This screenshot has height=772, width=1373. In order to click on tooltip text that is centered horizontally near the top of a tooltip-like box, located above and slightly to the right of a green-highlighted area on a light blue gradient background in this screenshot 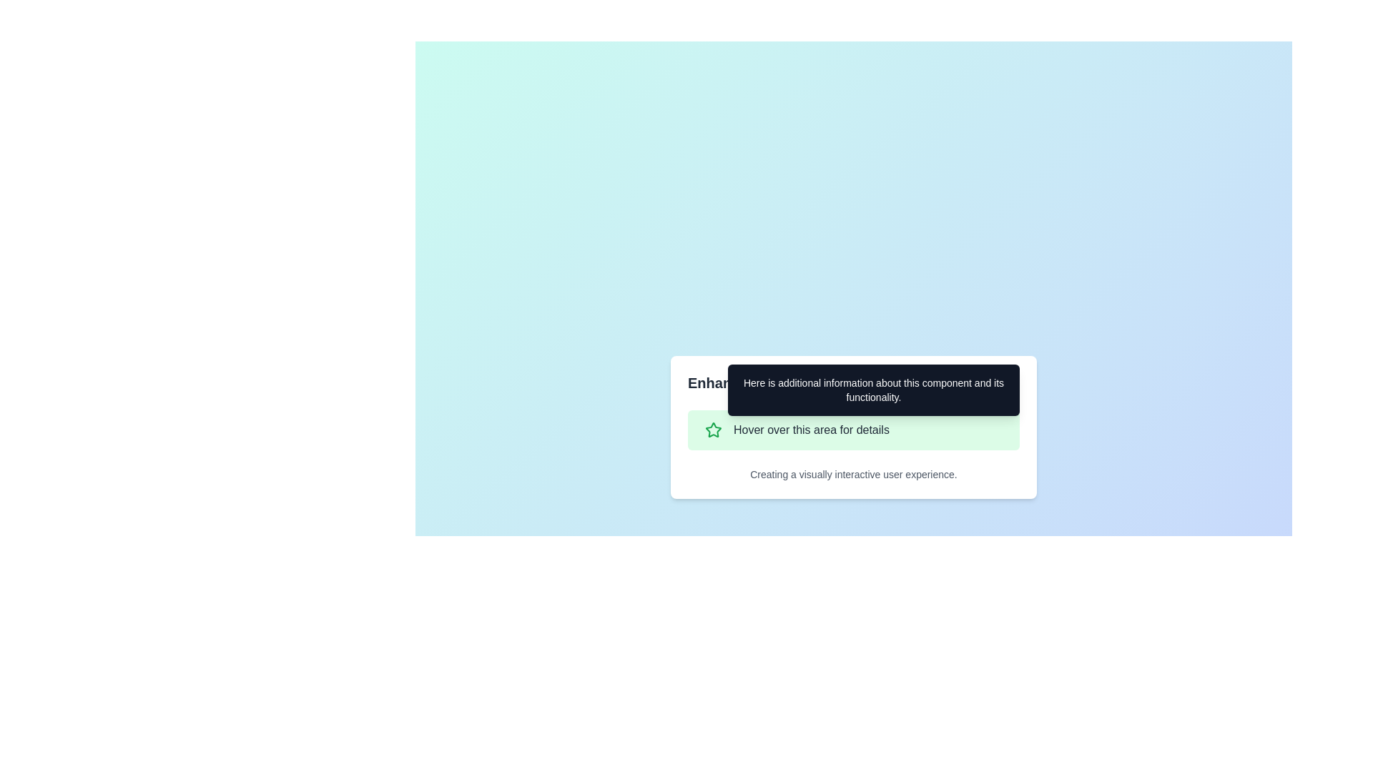, I will do `click(873, 390)`.